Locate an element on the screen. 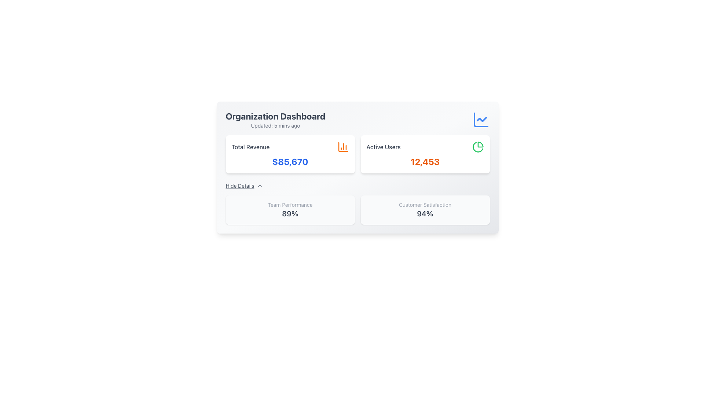 The height and width of the screenshot is (396, 704). text from the small text label that reads 'Updated: 5 mins ago', which is located below the 'Organization Dashboard' heading is located at coordinates (275, 125).